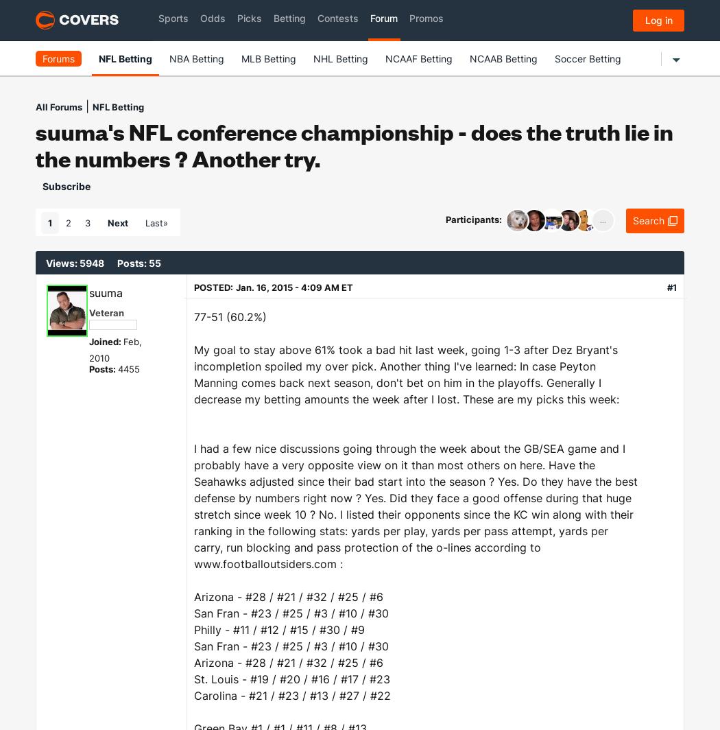  What do you see at coordinates (213, 287) in the screenshot?
I see `'Posted:'` at bounding box center [213, 287].